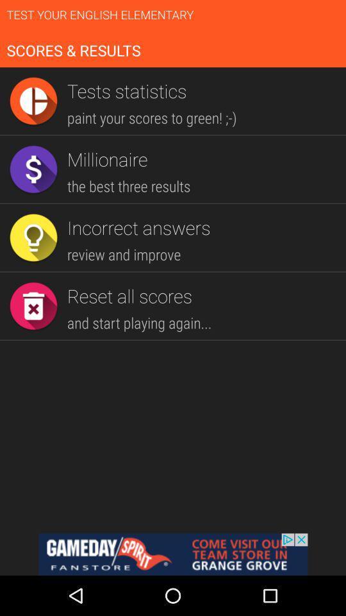  What do you see at coordinates (173, 554) in the screenshot?
I see `goes to advertiser 's website` at bounding box center [173, 554].